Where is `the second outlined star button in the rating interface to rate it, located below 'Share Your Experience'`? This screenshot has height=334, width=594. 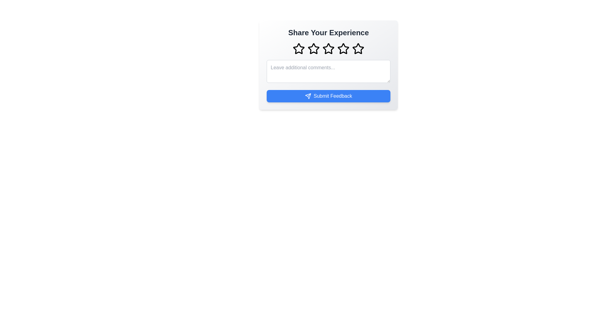
the second outlined star button in the rating interface to rate it, located below 'Share Your Experience' is located at coordinates (313, 48).